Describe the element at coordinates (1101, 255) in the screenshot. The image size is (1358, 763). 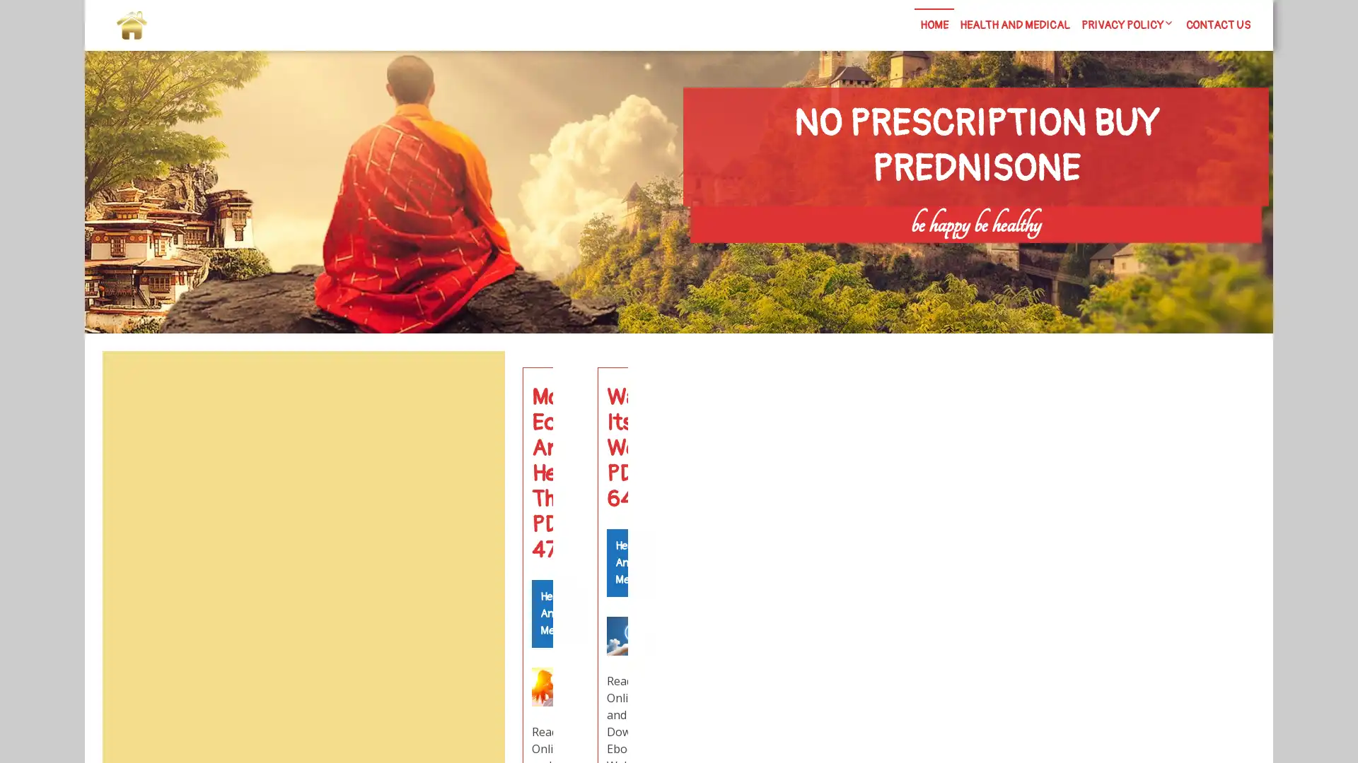
I see `Search` at that location.